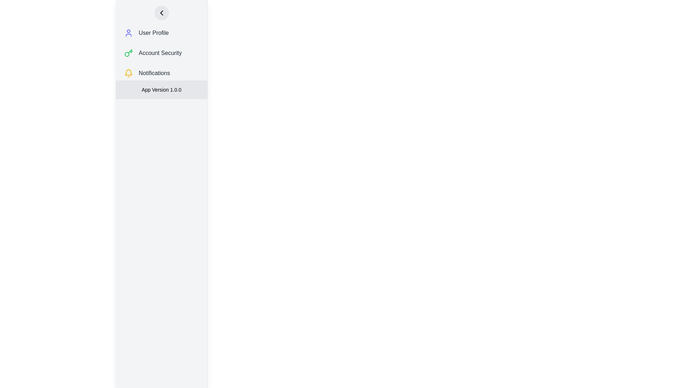  Describe the element at coordinates (161, 13) in the screenshot. I see `the navigation button located at the top-left corner of the vertical menu panel` at that location.